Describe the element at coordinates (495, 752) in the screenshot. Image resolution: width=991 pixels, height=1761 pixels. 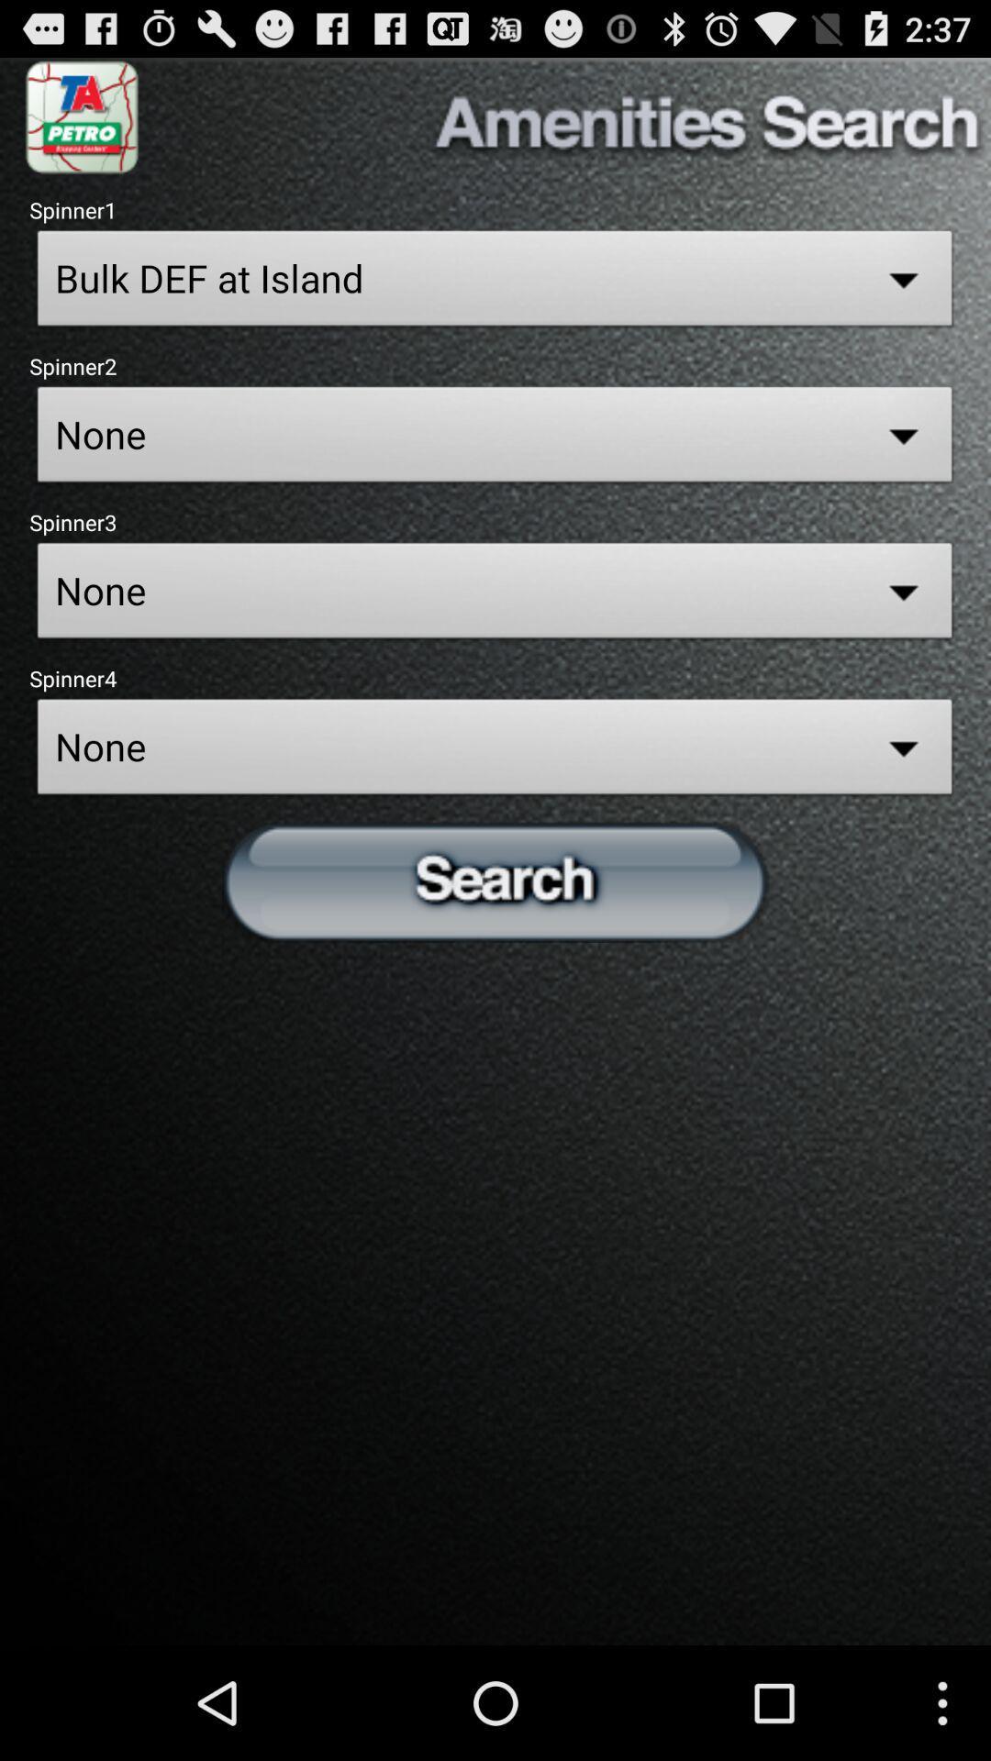
I see `the none field in spinner 4` at that location.